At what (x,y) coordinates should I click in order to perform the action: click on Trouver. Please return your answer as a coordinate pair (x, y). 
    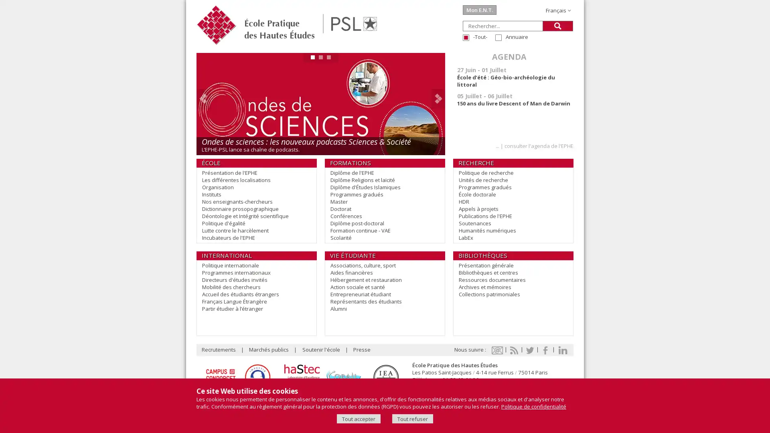
    Looking at the image, I should click on (557, 25).